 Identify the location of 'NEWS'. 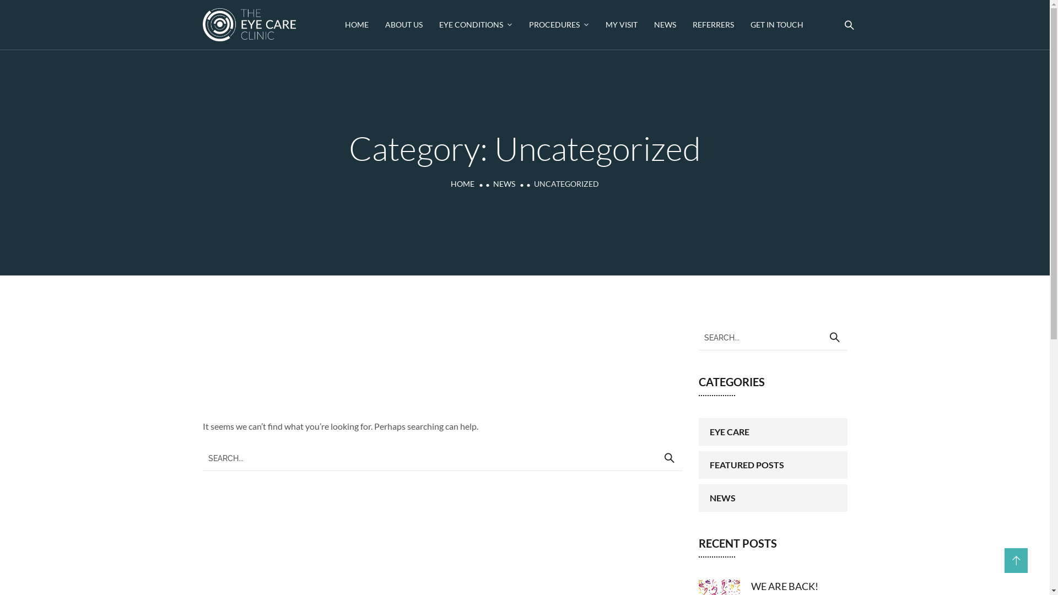
(772, 497).